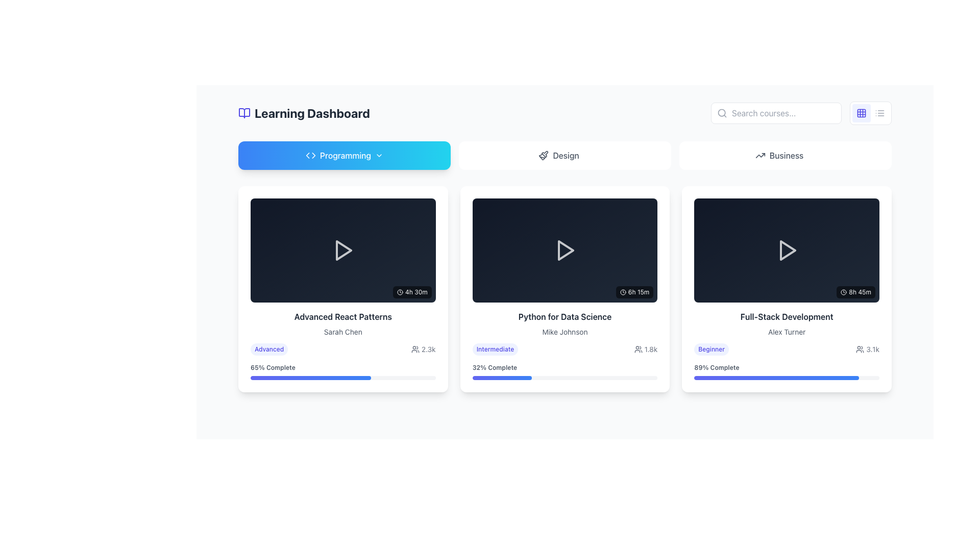 This screenshot has width=980, height=551. Describe the element at coordinates (650, 349) in the screenshot. I see `displayed count of people associated with the content from the Text Label located in the bottom-right corner of the 'Python for Data Science' card, positioned to the right of the user icon` at that location.